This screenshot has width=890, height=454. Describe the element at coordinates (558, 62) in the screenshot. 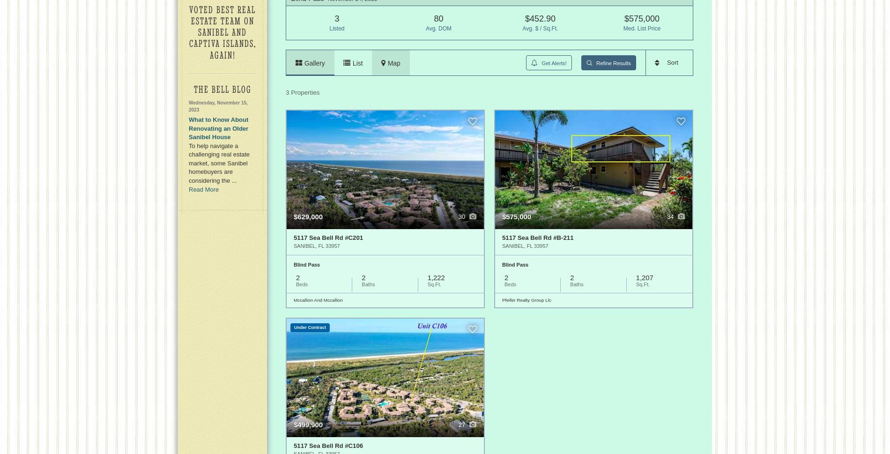

I see `'Alerts!'` at that location.